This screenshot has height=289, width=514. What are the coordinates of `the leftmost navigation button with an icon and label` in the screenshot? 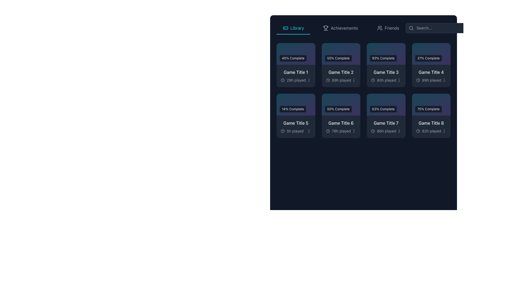 It's located at (293, 28).